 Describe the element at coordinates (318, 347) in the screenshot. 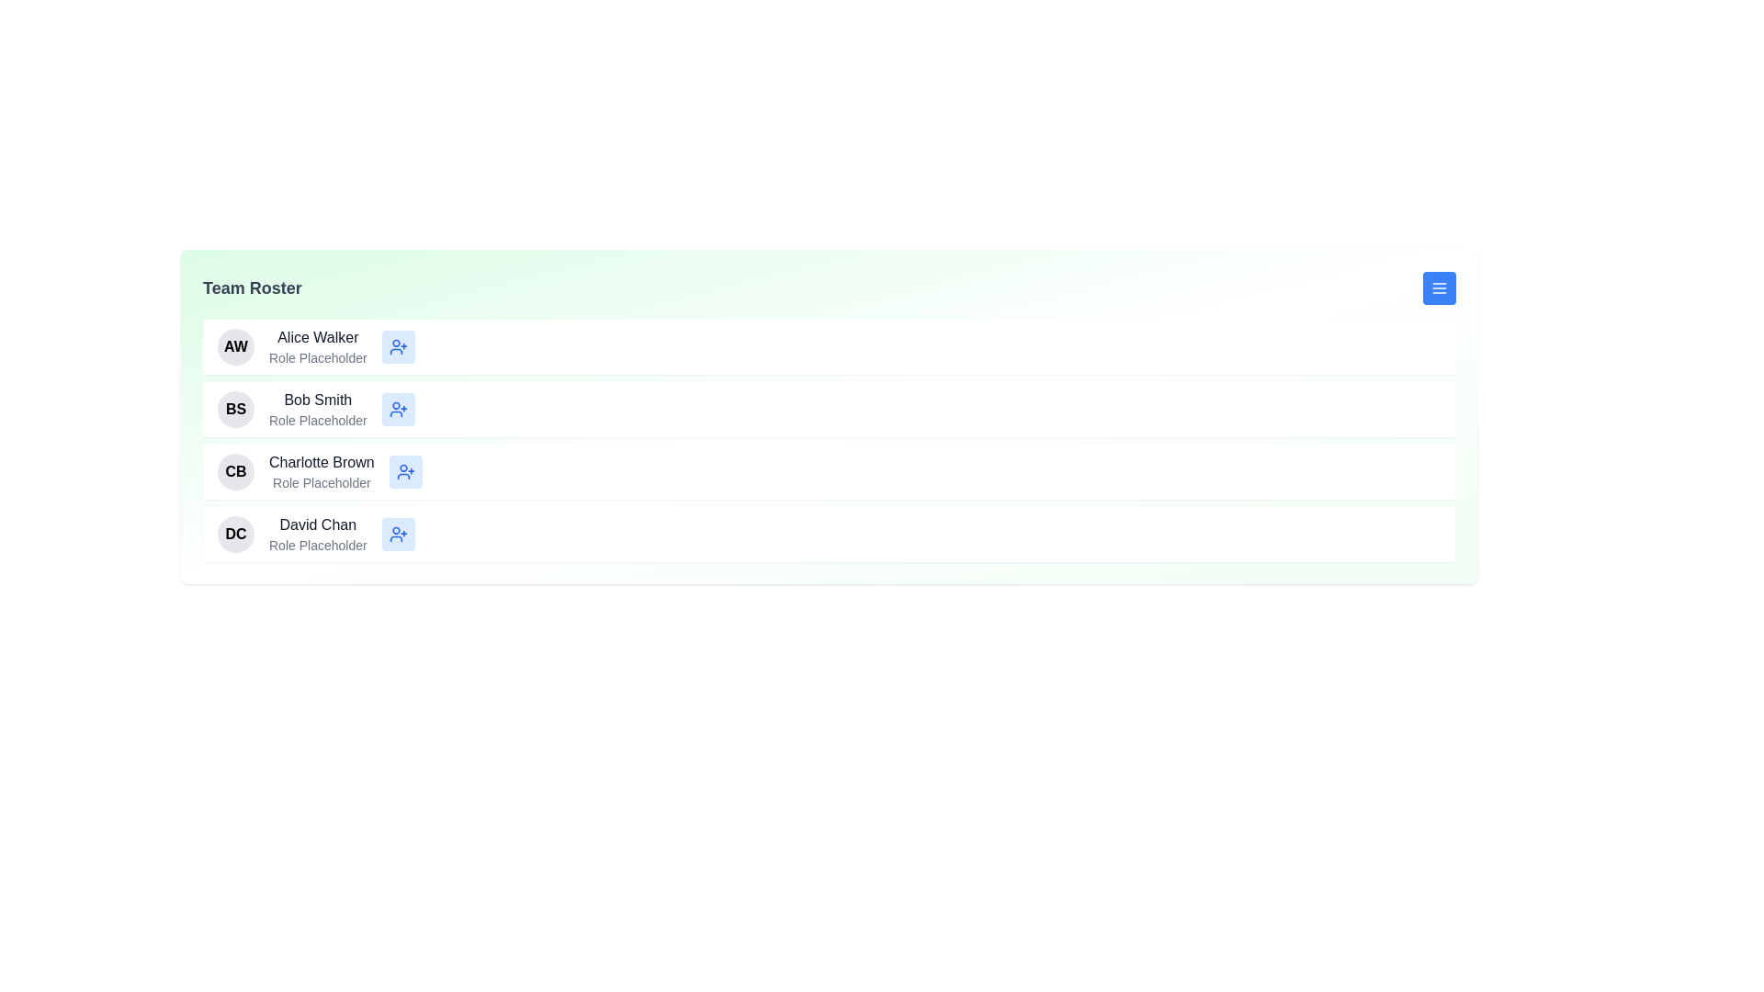

I see `the text block containing 'Alice Walker' and 'Role Placeholder', which is aligned vertically and located between a circular avatar labeled 'AW' and a button with a person and a plus sign` at that location.